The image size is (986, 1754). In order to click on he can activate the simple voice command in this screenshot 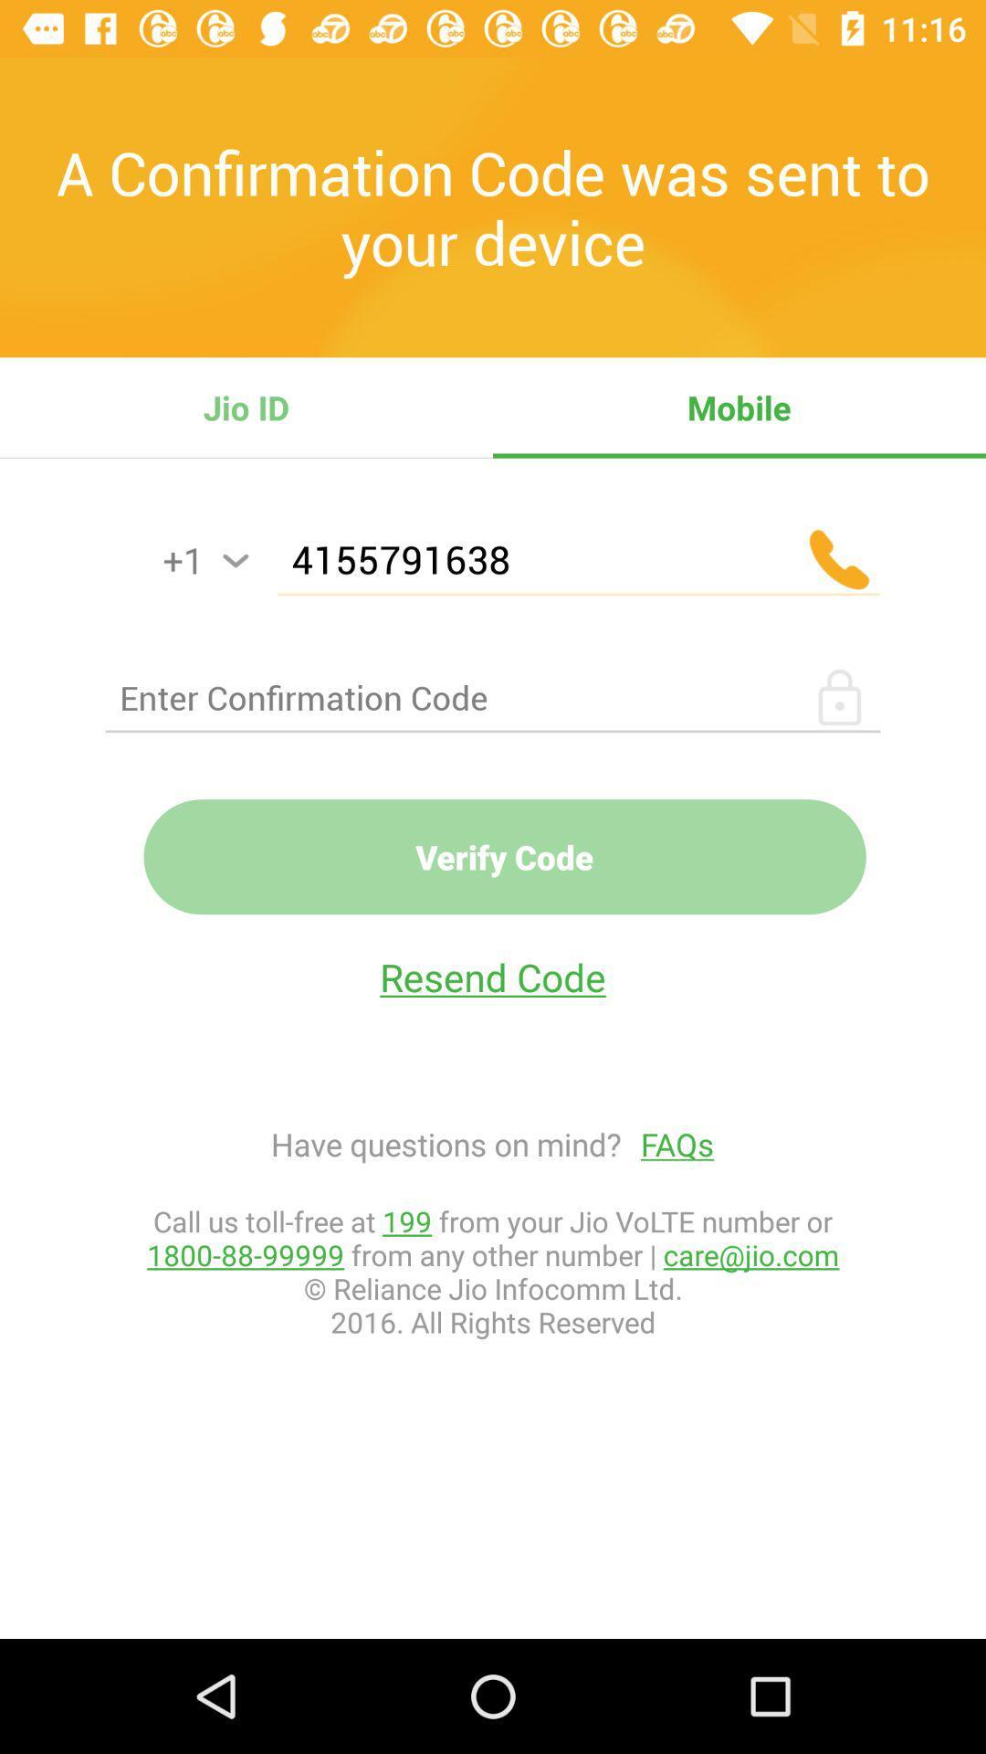, I will do `click(235, 560)`.